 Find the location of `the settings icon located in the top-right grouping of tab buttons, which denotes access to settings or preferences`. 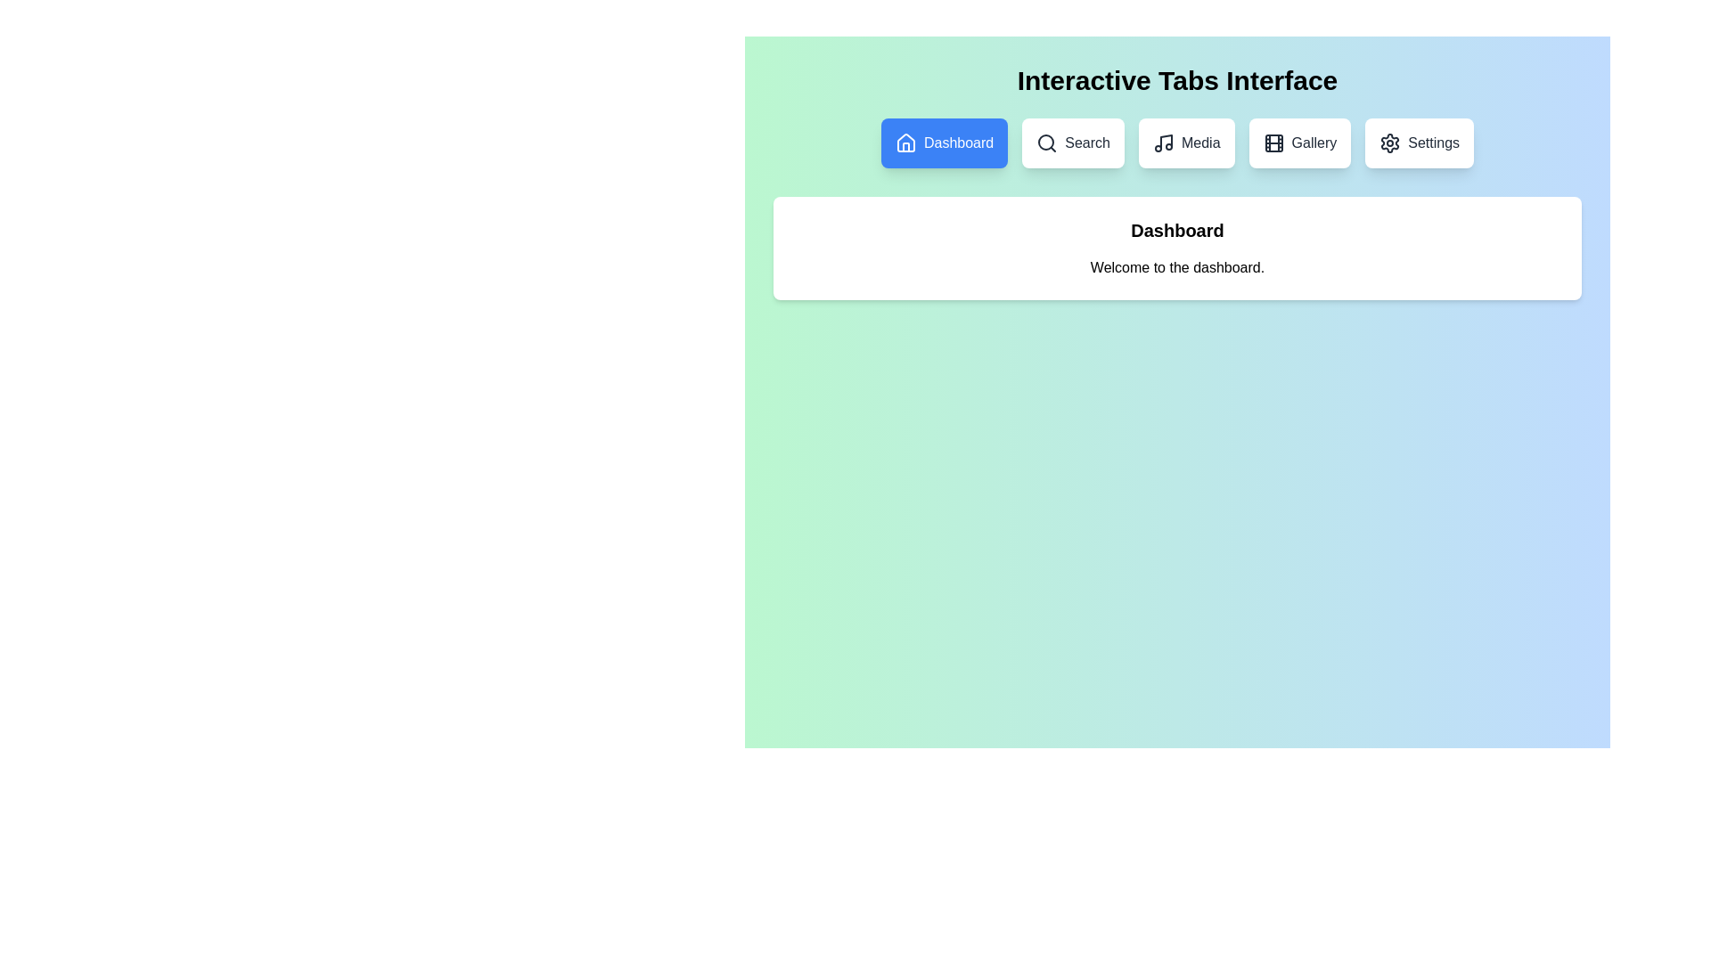

the settings icon located in the top-right grouping of tab buttons, which denotes access to settings or preferences is located at coordinates (1389, 143).